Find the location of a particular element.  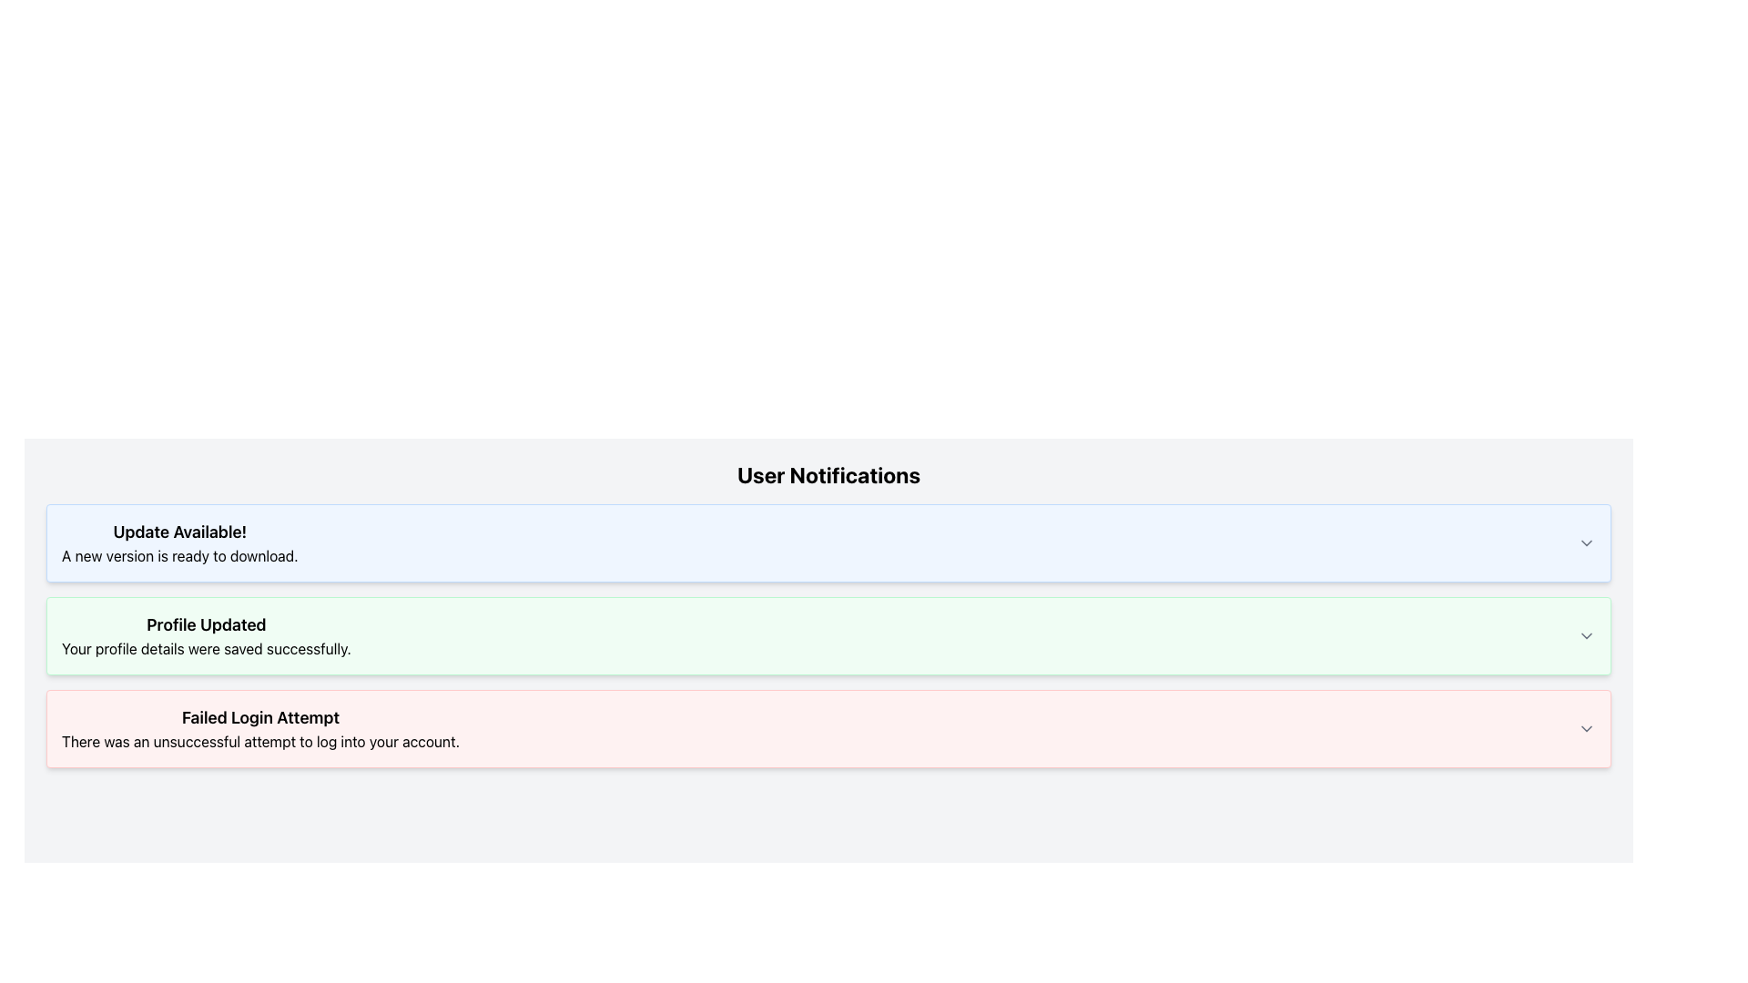

alert message displayed in the static text label indicating a failed login attempt, which is located within a light red background notification panel is located at coordinates (259, 741).